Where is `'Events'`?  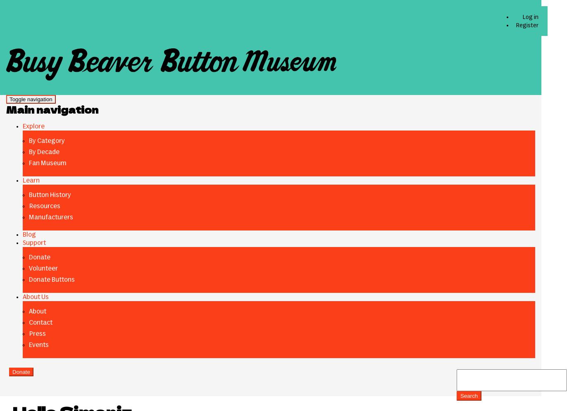
'Events' is located at coordinates (38, 344).